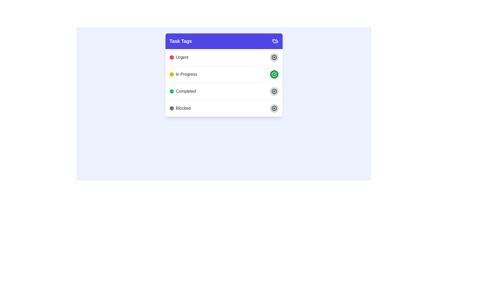  What do you see at coordinates (186, 91) in the screenshot?
I see `the 'Completed' status label located in the 'Task Tags' section, which is the third item in the vertical list between 'In Progress' and 'Blocked'` at bounding box center [186, 91].